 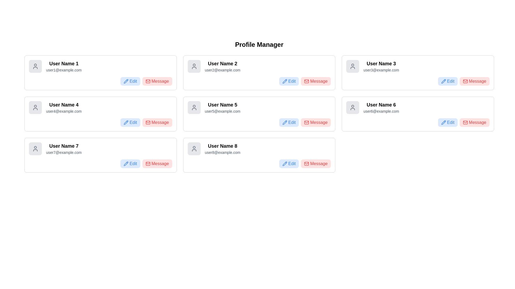 What do you see at coordinates (222, 111) in the screenshot?
I see `the static text element displaying an email address, styled in a small and gray font, located in the bottom part of a content box, below the user's name and above buttons` at bounding box center [222, 111].